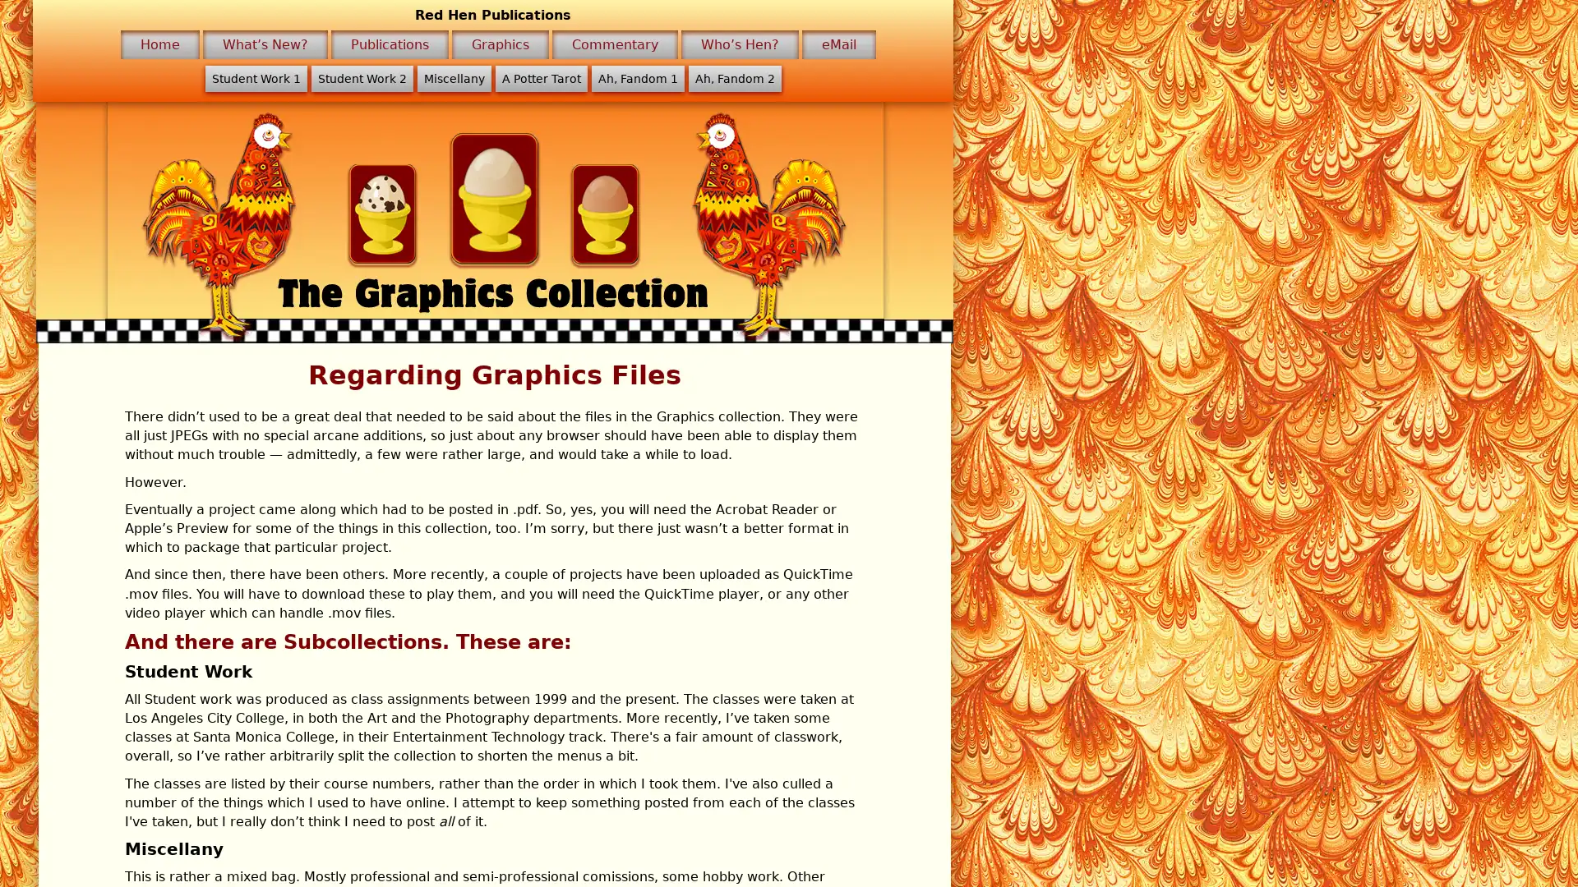 The image size is (1578, 887). What do you see at coordinates (454, 79) in the screenshot?
I see `Miscellany` at bounding box center [454, 79].